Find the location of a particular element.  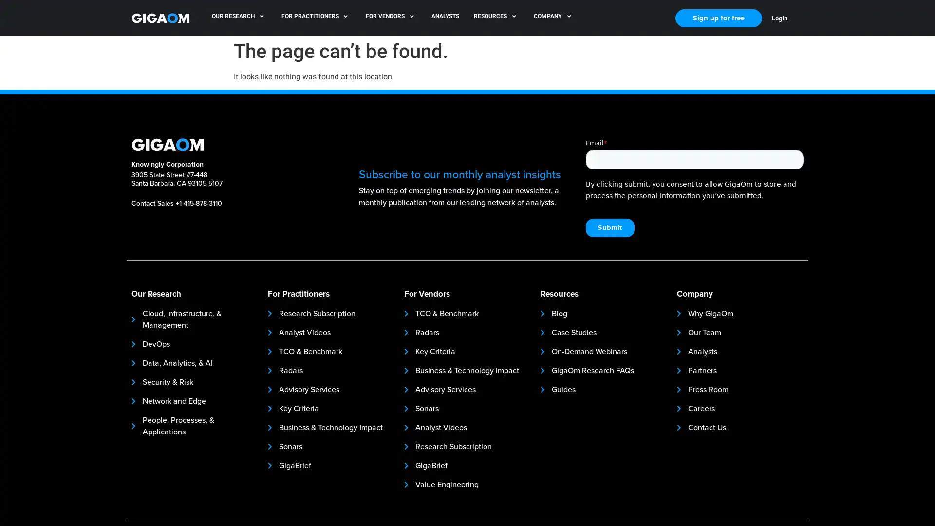

Sign up for free is located at coordinates (719, 18).